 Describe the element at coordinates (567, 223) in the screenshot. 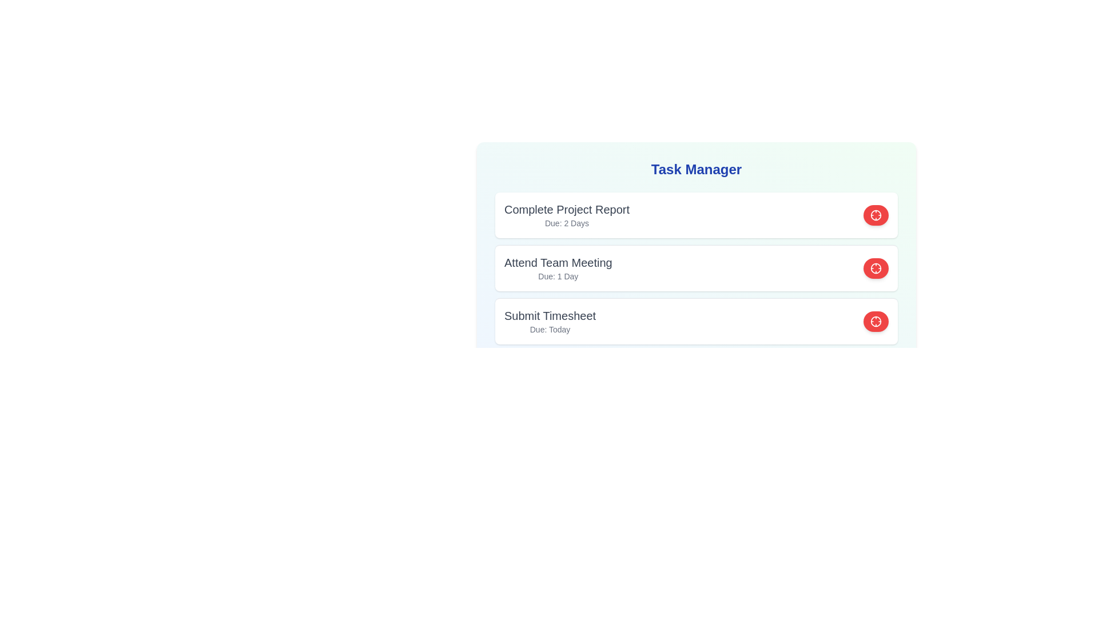

I see `the Text Label indicating the deadline for the task 'Complete Project Report', which is located immediately below the task heading and displays the due date of 2 days` at that location.